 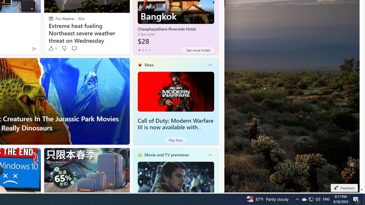 I want to click on 'See more hotels', so click(x=198, y=50).